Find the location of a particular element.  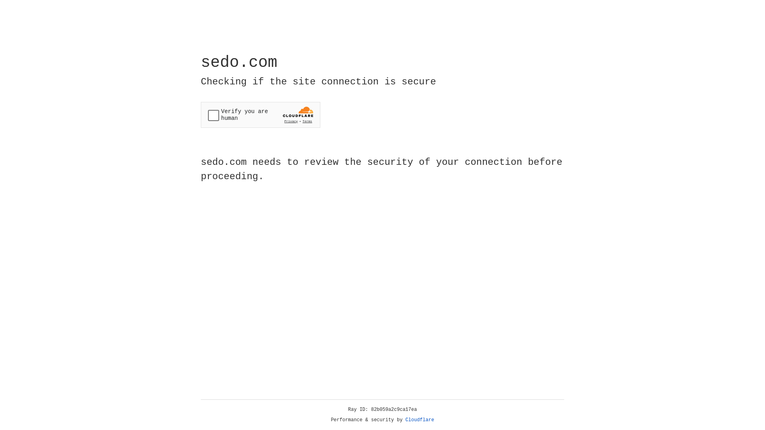

'Widget containing a Cloudflare security challenge' is located at coordinates (260, 115).